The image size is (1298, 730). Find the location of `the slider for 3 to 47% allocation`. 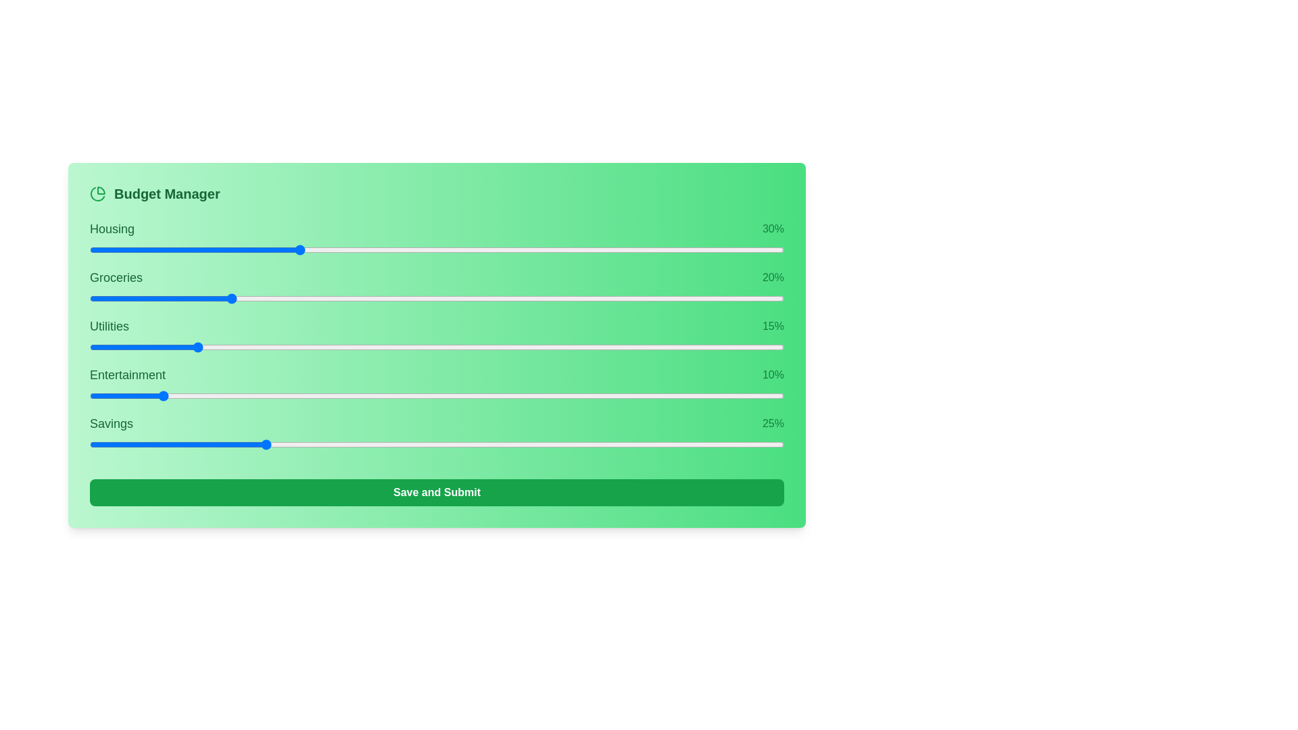

the slider for 3 to 47% allocation is located at coordinates (599, 395).